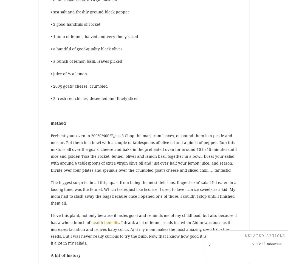  Describe the element at coordinates (66, 255) in the screenshot. I see `'A bit of history'` at that location.